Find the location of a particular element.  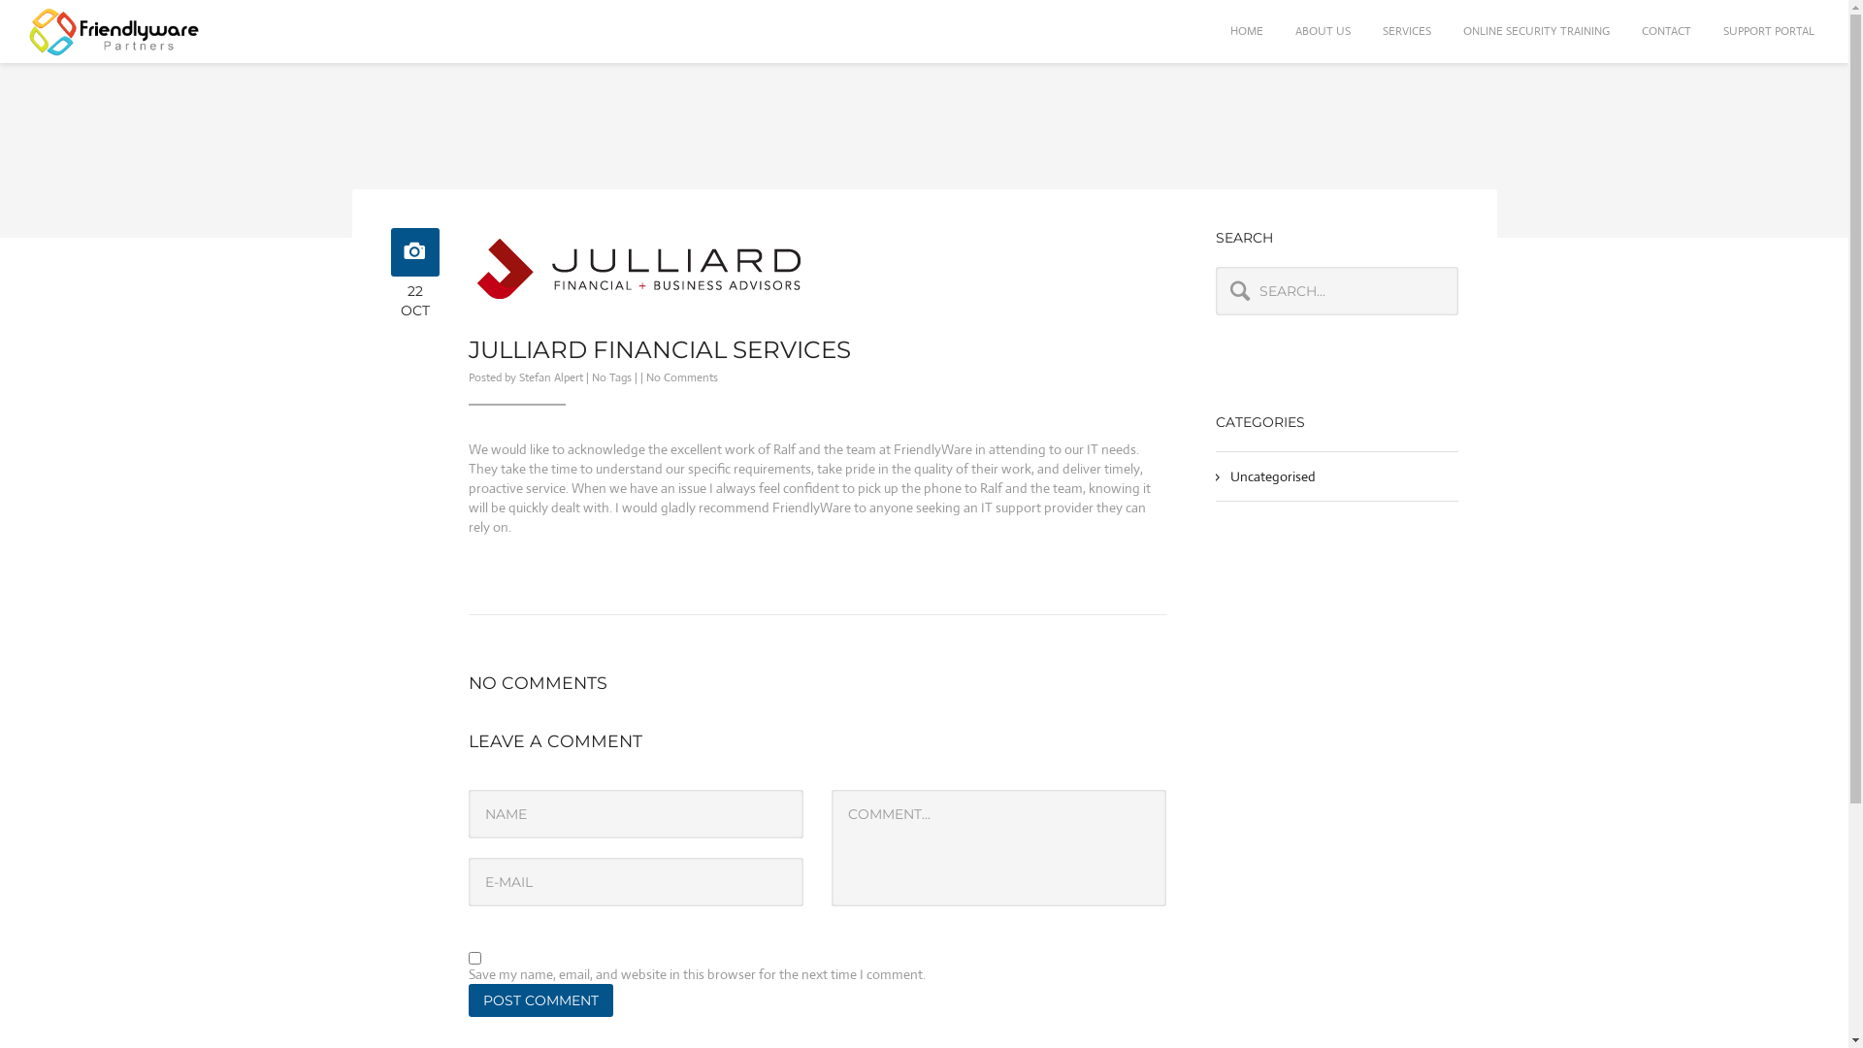

'No Comments is located at coordinates (681, 377).